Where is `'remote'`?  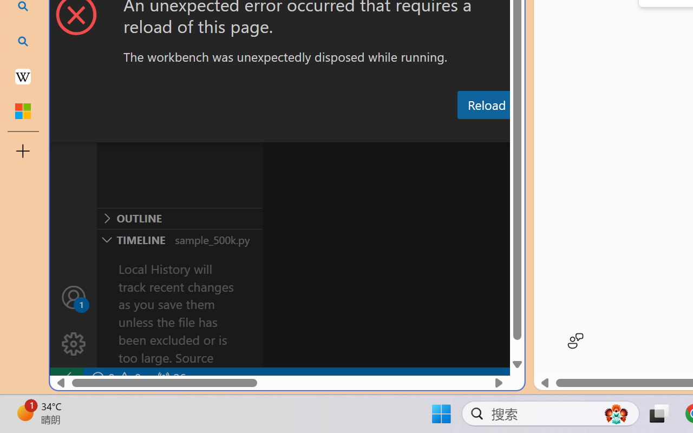 'remote' is located at coordinates (66, 378).